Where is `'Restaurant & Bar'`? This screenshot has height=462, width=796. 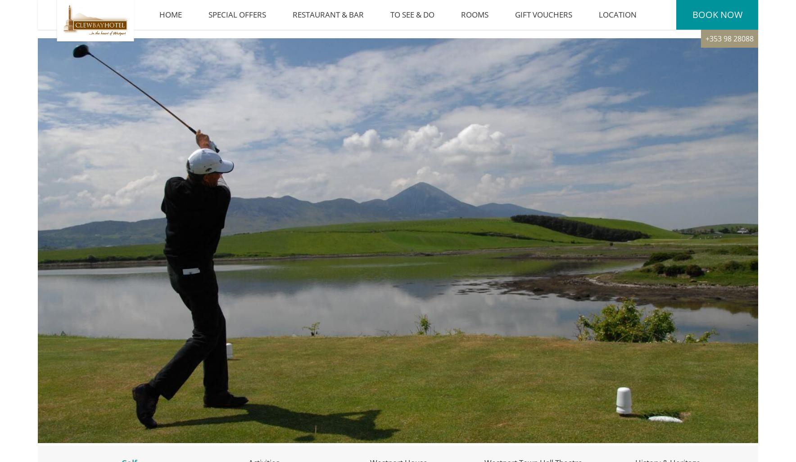
'Restaurant & Bar' is located at coordinates (328, 18).